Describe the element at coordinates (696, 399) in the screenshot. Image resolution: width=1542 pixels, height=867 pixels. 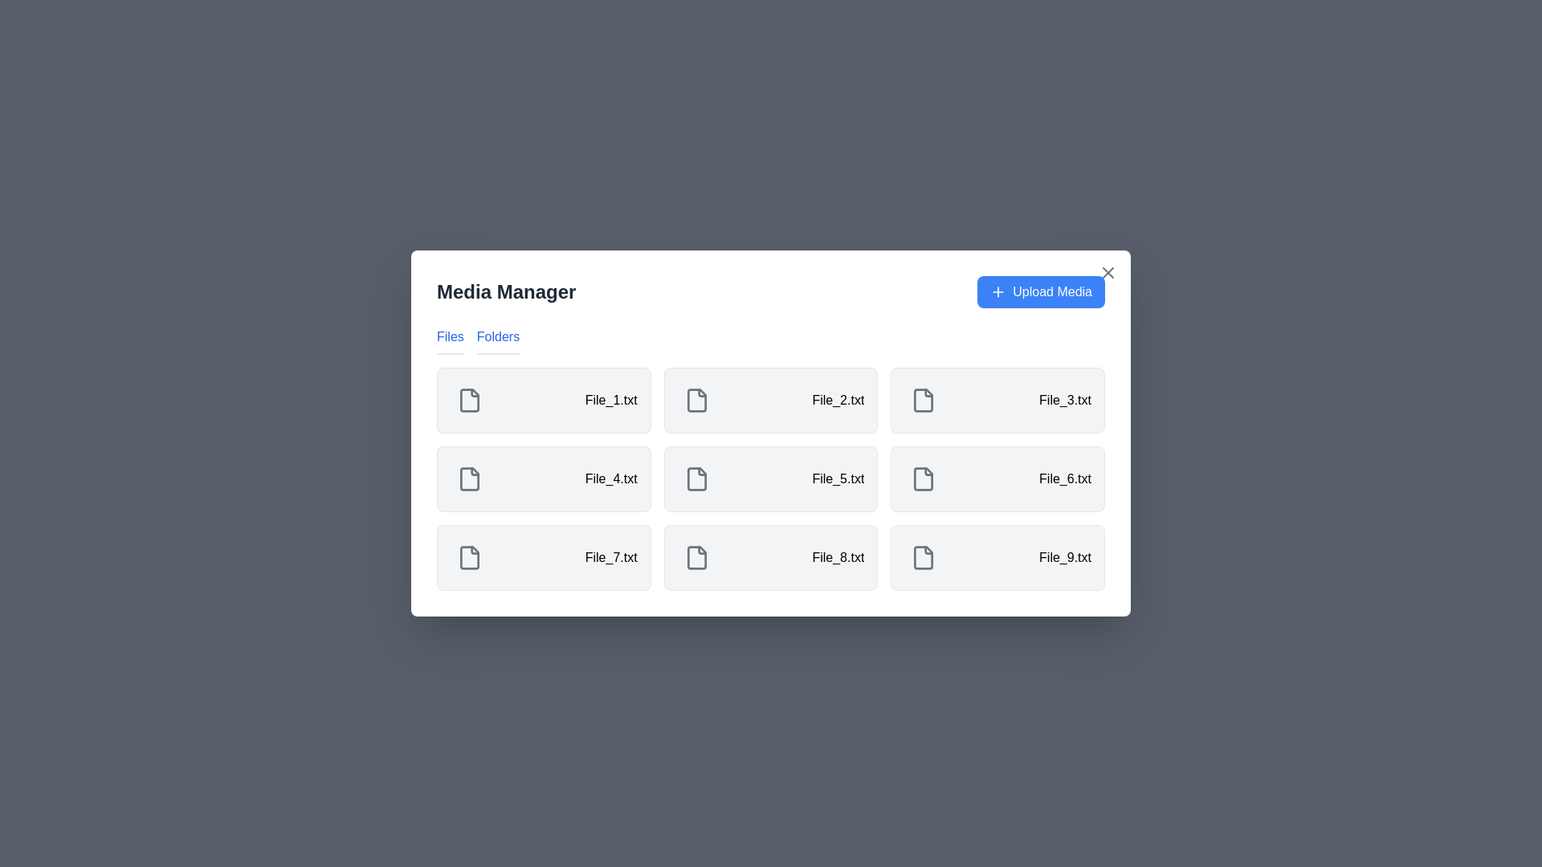
I see `the File icon (SVG graphic) located in the second column of the first row in the Media Manager interface` at that location.